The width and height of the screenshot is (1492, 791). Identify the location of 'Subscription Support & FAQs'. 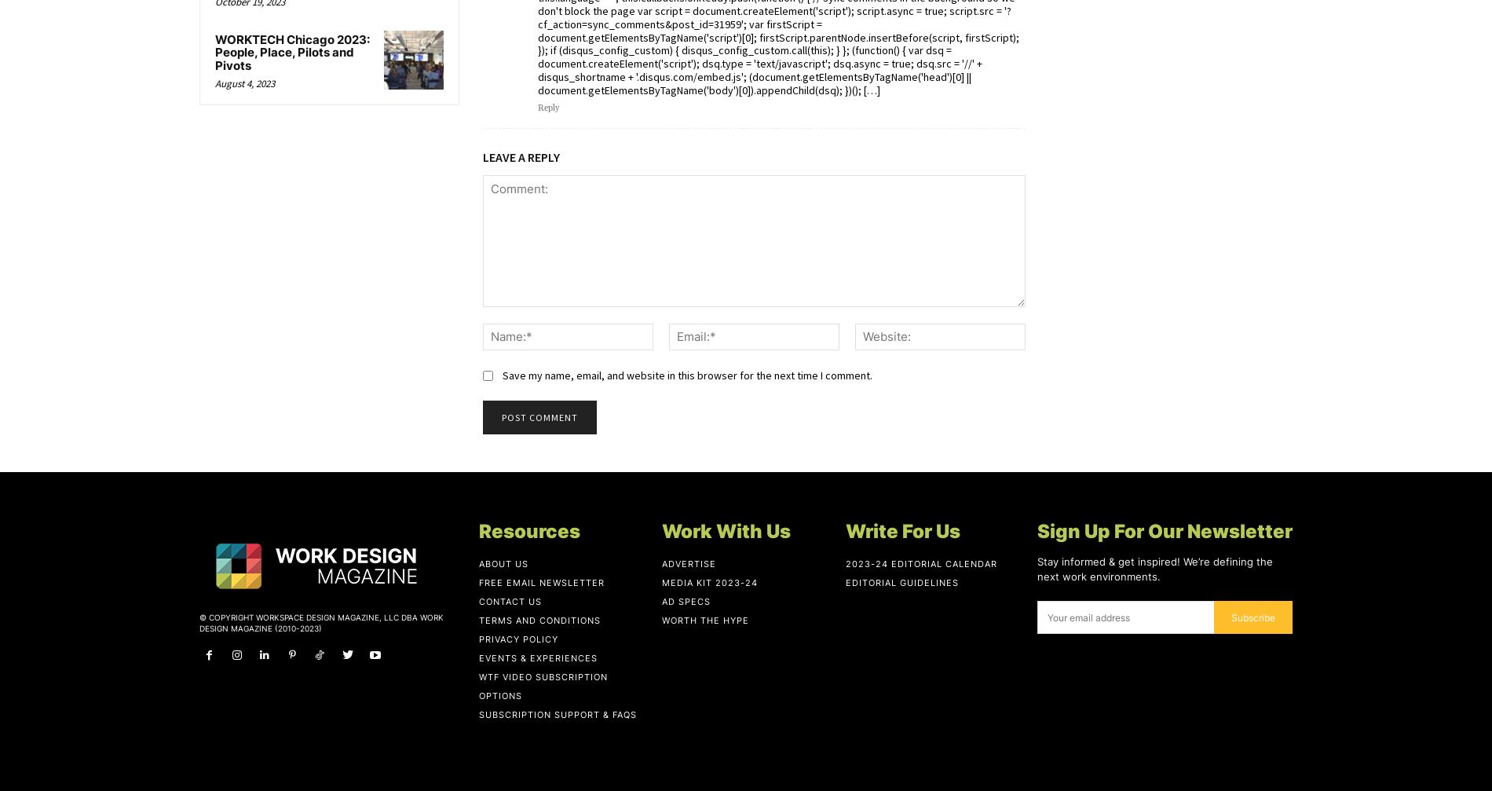
(557, 714).